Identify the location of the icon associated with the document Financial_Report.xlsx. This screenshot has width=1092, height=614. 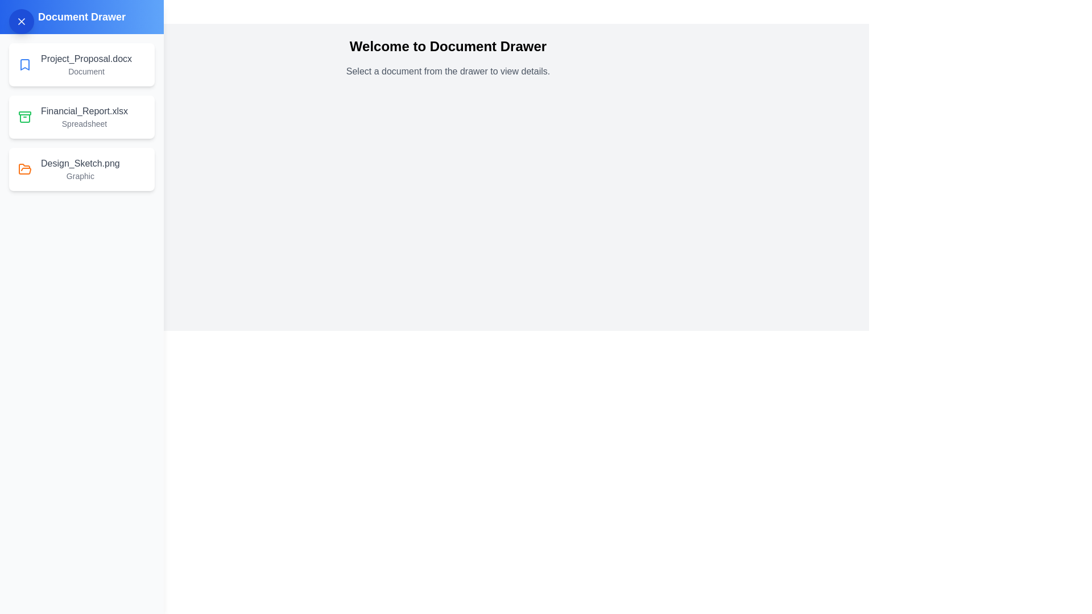
(24, 117).